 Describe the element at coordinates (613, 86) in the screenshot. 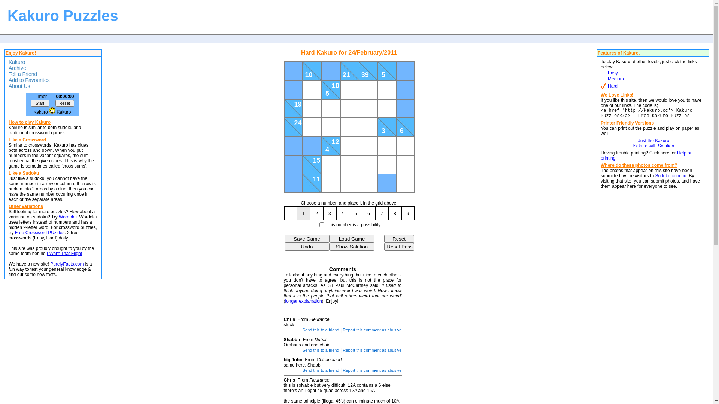

I see `'Hard'` at that location.